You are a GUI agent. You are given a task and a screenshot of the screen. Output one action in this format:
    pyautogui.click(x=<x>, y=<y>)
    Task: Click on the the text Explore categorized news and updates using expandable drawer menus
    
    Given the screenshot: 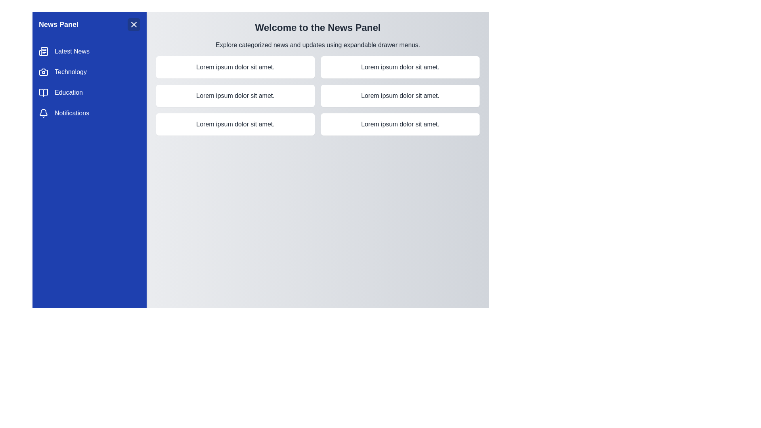 What is the action you would take?
    pyautogui.click(x=317, y=45)
    